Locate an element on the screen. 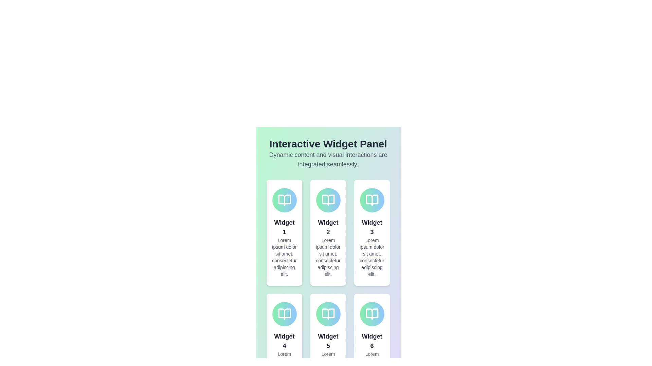 The height and width of the screenshot is (366, 652). the Text label that serves as a title or heading for the content of the card, located centrally in the lower middle card of a 2x3 grid layout, just below a circular icon and above a paragraph of text is located at coordinates (328, 341).